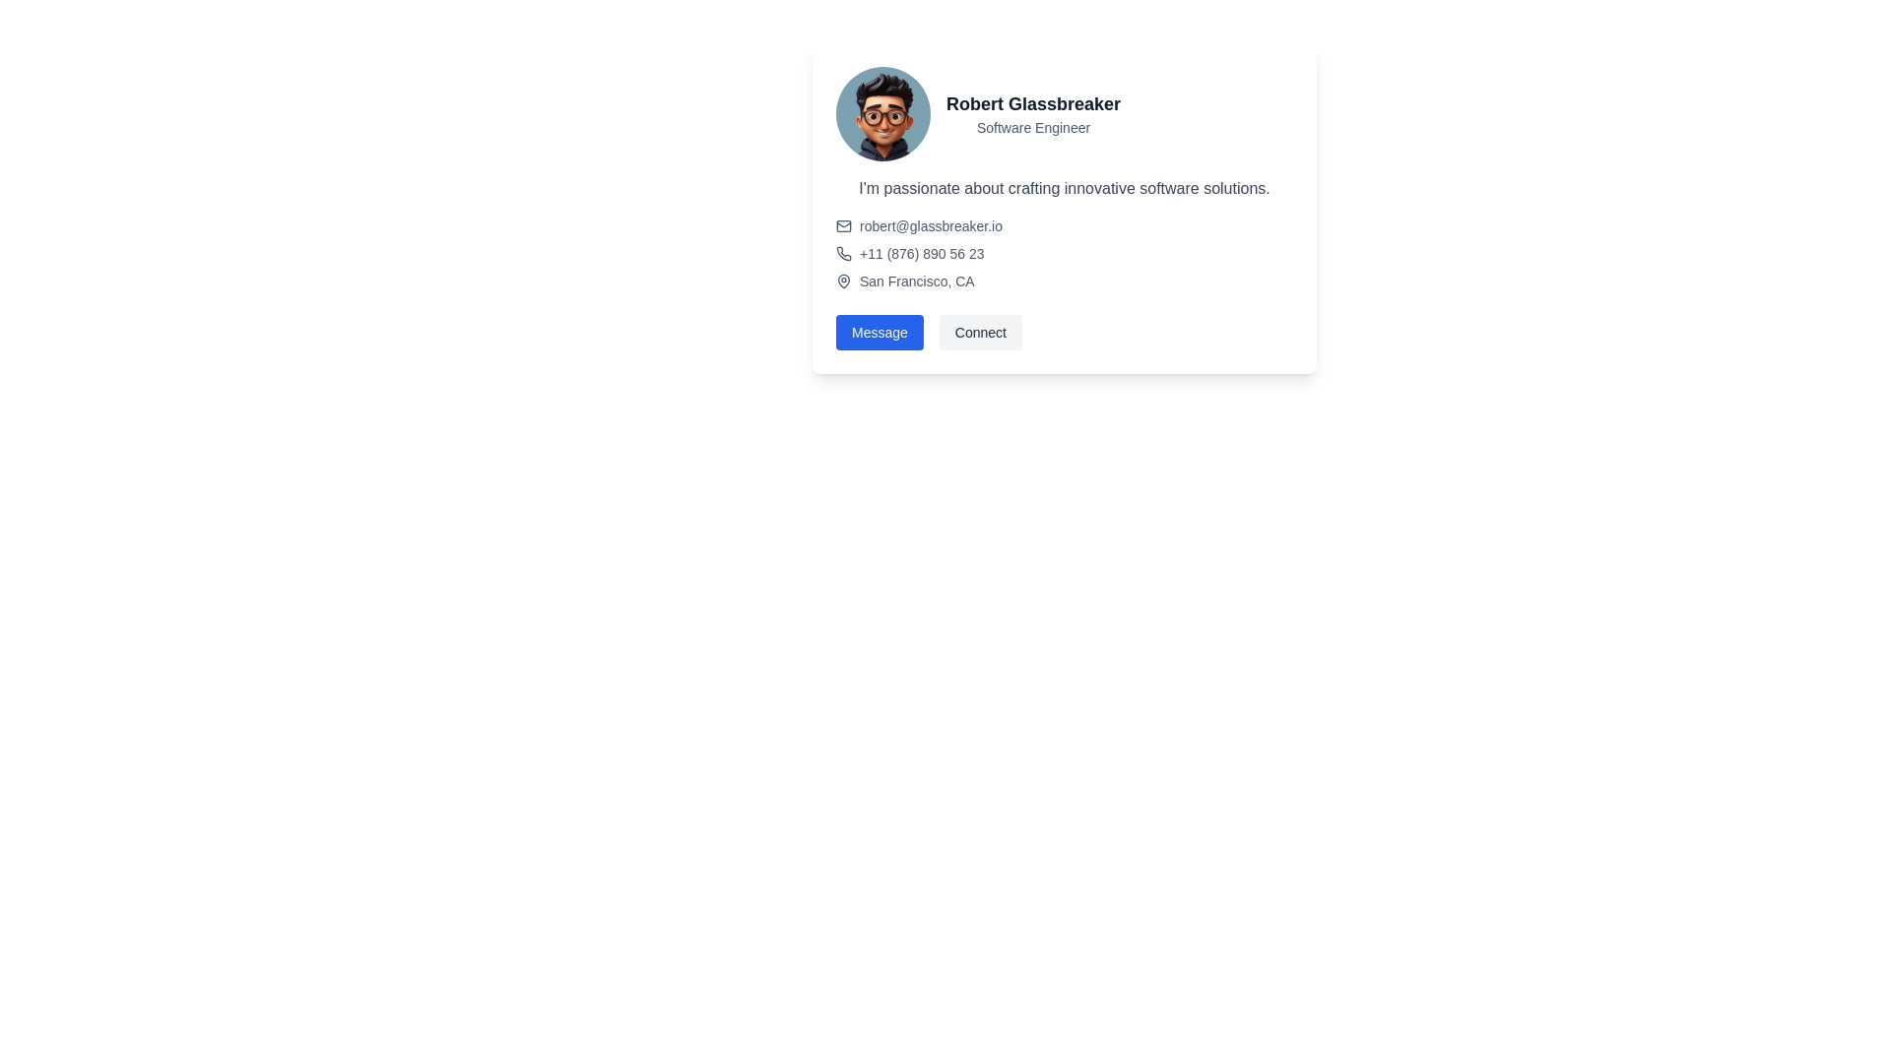 This screenshot has width=1891, height=1063. What do you see at coordinates (879, 332) in the screenshot?
I see `the 'Message' button, which is a vibrant blue rectangular button with rounded corners, to trigger visual feedback like a color change` at bounding box center [879, 332].